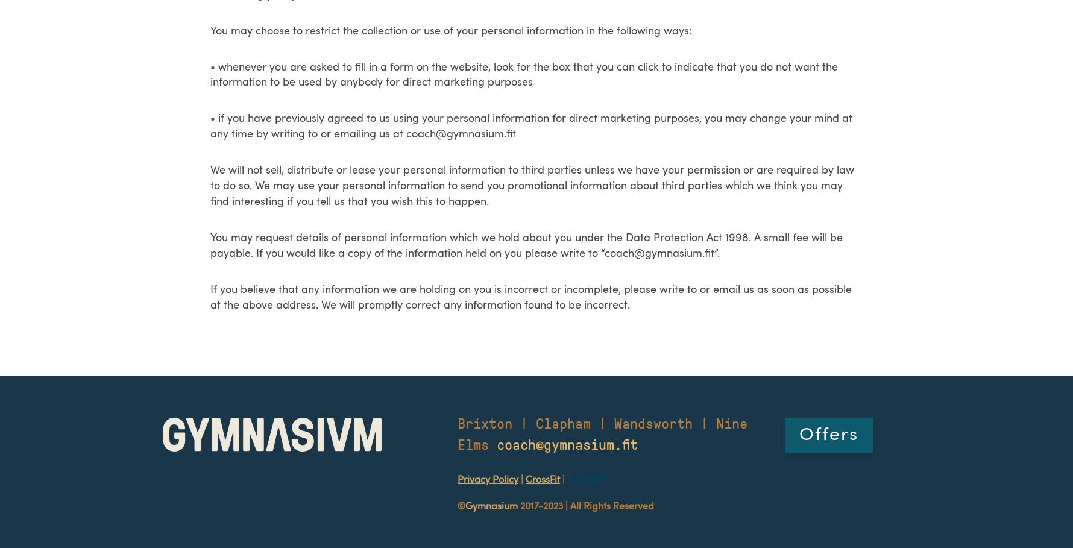 This screenshot has width=1073, height=548. What do you see at coordinates (530, 126) in the screenshot?
I see `'if you have previously agreed to us using your personal information for direct marketing purposes, you may change your mind at any time by writing to or emailing us at coach@gymnasium.fit'` at bounding box center [530, 126].